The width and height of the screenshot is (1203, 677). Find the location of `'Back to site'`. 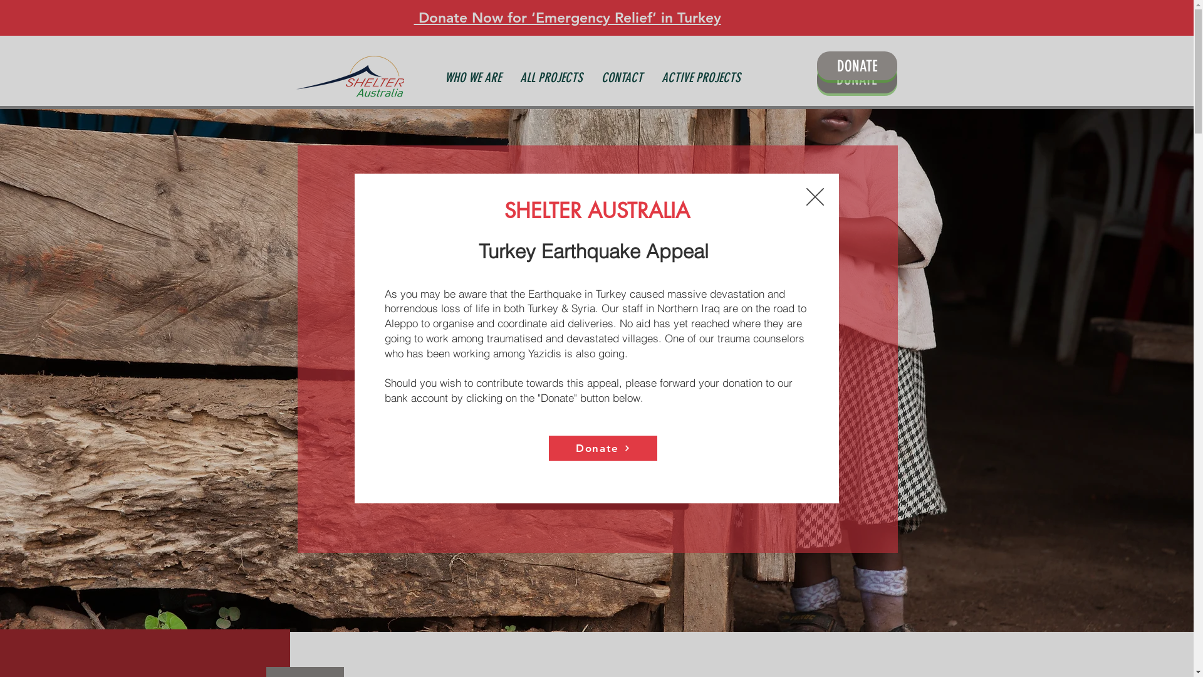

'Back to site' is located at coordinates (815, 196).